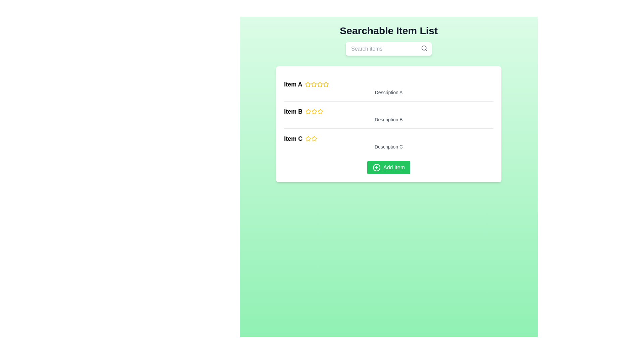  I want to click on the second star-shaped rating icon filled with yellow, which is located next to the text 'Item A', so click(320, 84).